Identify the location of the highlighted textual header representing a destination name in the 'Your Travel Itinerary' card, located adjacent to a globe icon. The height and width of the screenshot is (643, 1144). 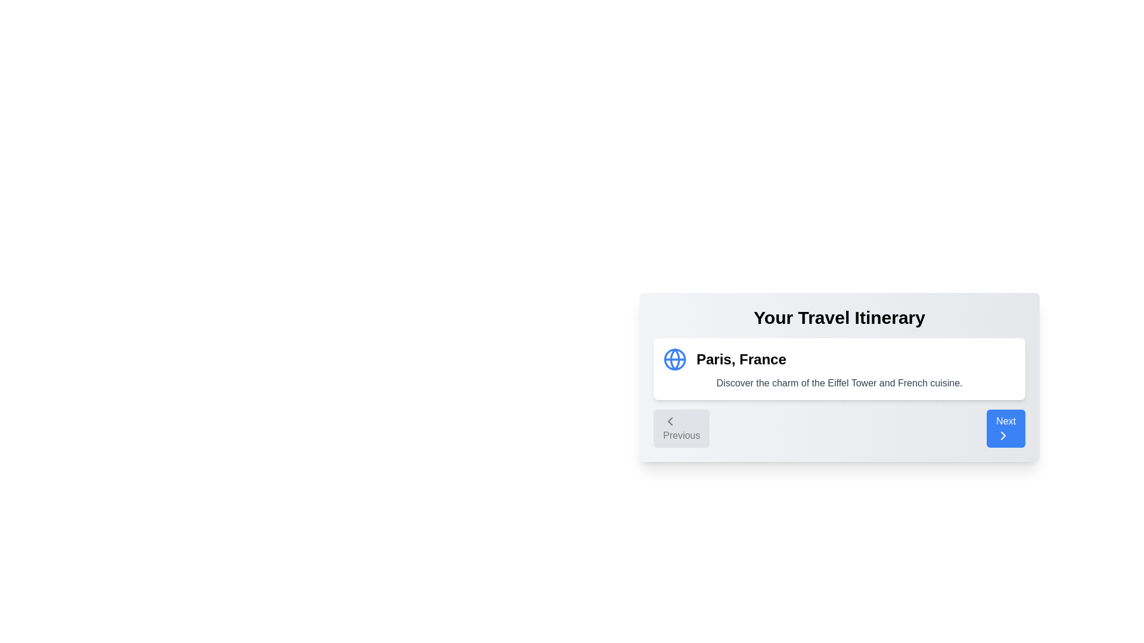
(741, 359).